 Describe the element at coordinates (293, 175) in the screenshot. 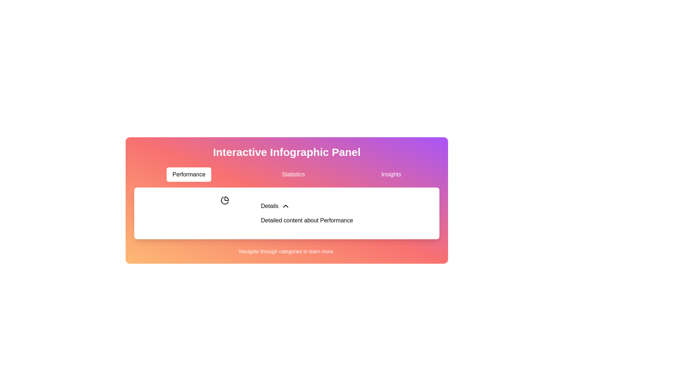

I see `the 'Statistics' button, which is the second button in a horizontal layout between 'Performance' and 'Insights', to trigger visual effects` at that location.